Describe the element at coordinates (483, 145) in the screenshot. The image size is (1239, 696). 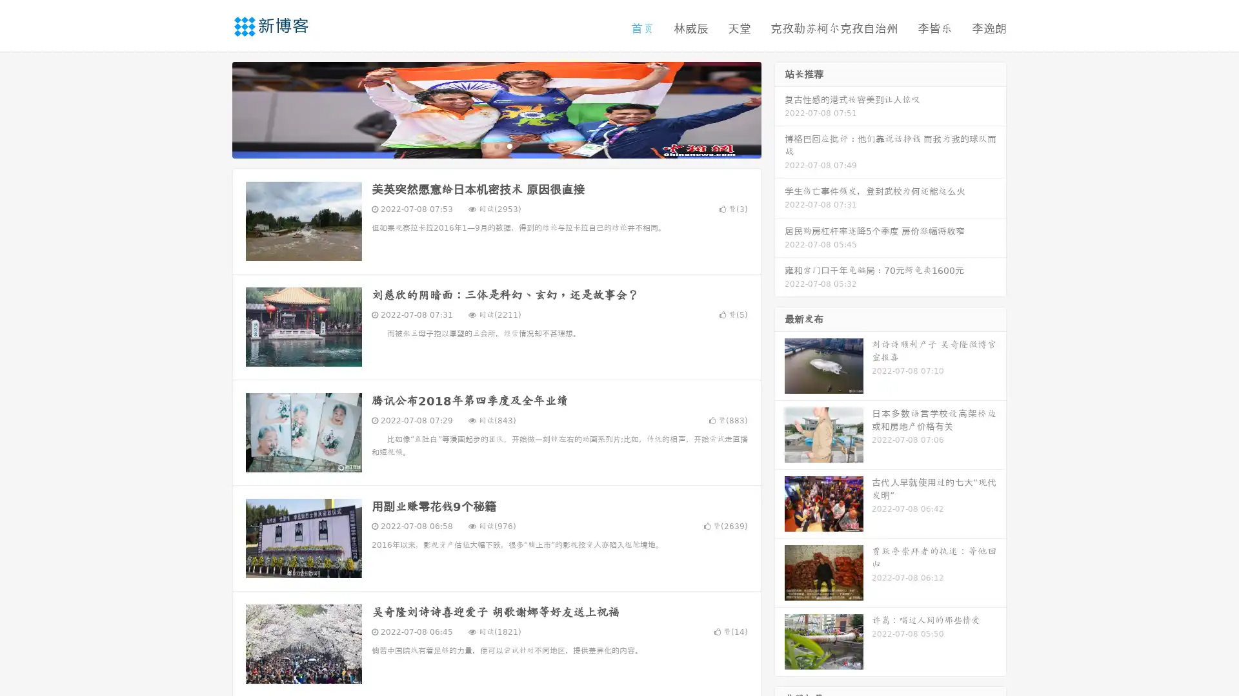
I see `Go to slide 1` at that location.